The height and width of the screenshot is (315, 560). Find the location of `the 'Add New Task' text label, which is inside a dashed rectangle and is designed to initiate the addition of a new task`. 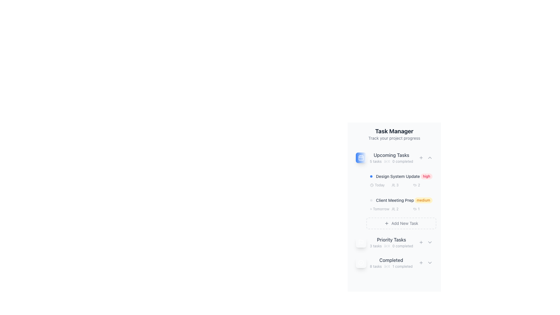

the 'Add New Task' text label, which is inside a dashed rectangle and is designed to initiate the addition of a new task is located at coordinates (404, 223).